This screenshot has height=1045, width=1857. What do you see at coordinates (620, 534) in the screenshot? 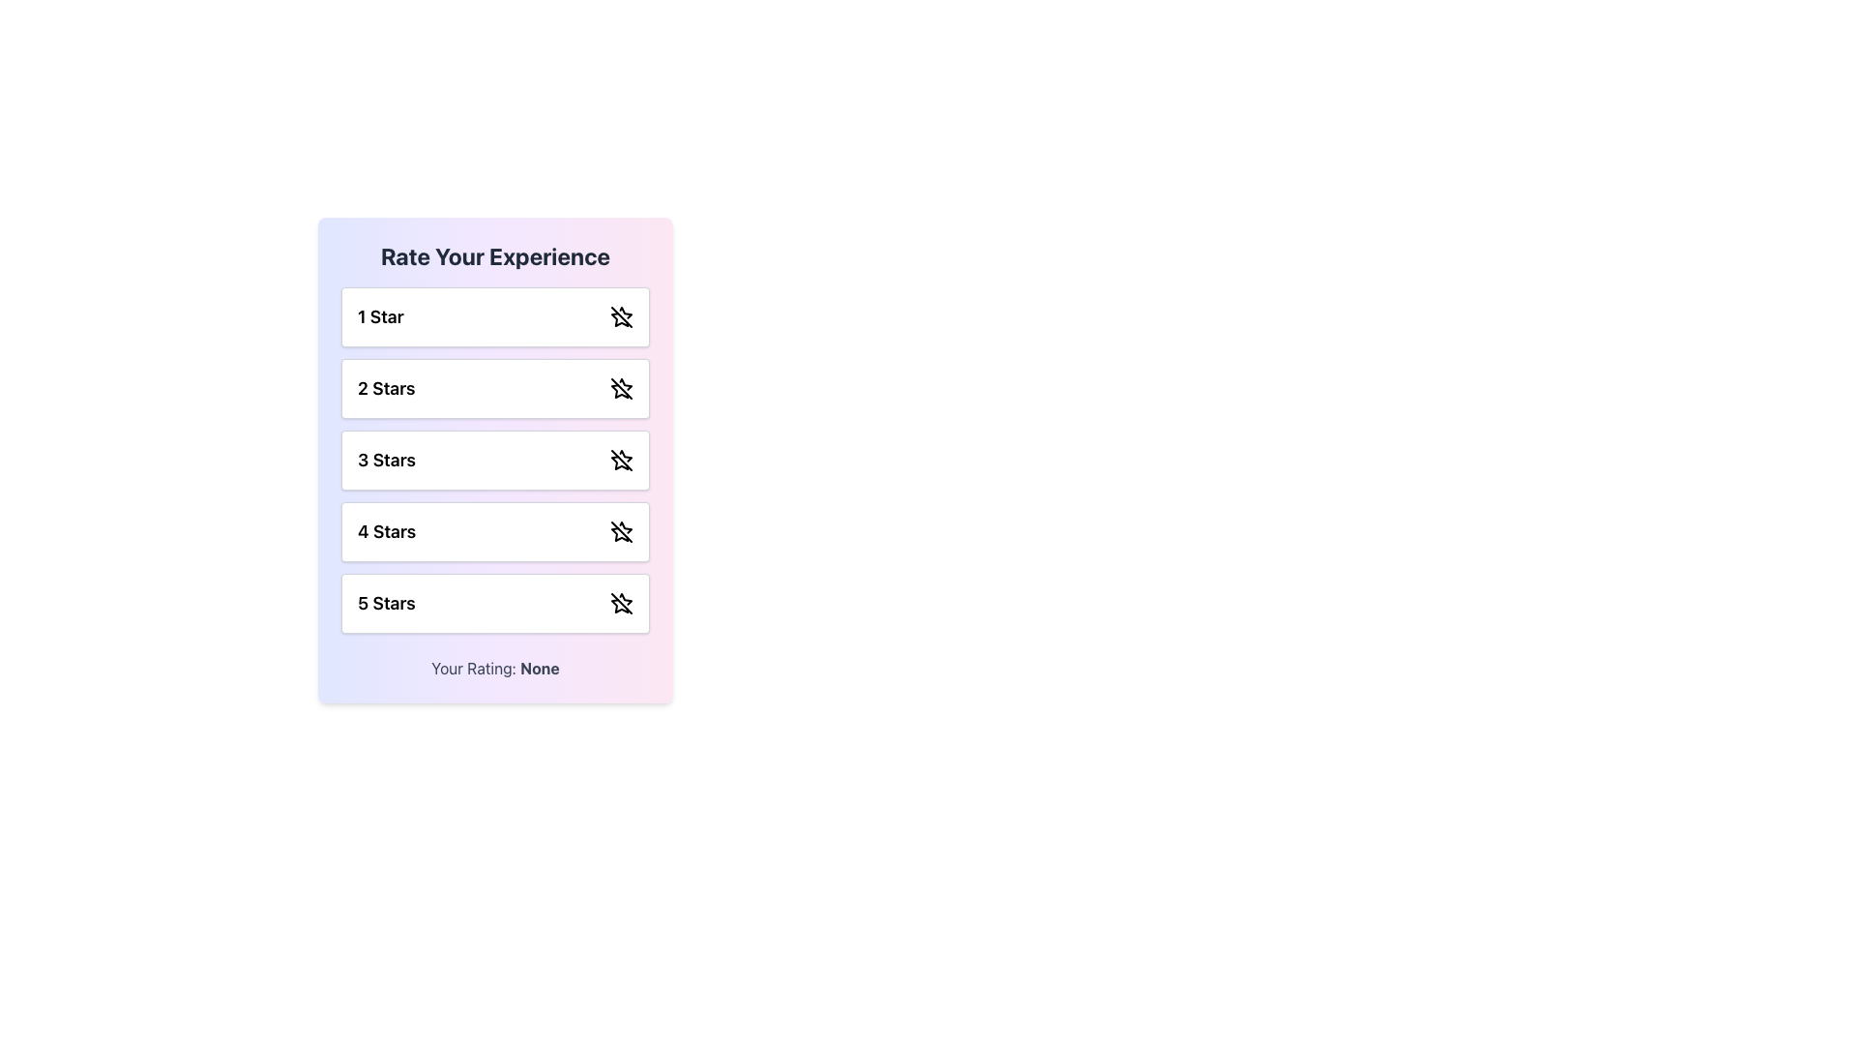
I see `the inactive star selection icon for the fourth rating option labeled '4 Stars'` at bounding box center [620, 534].